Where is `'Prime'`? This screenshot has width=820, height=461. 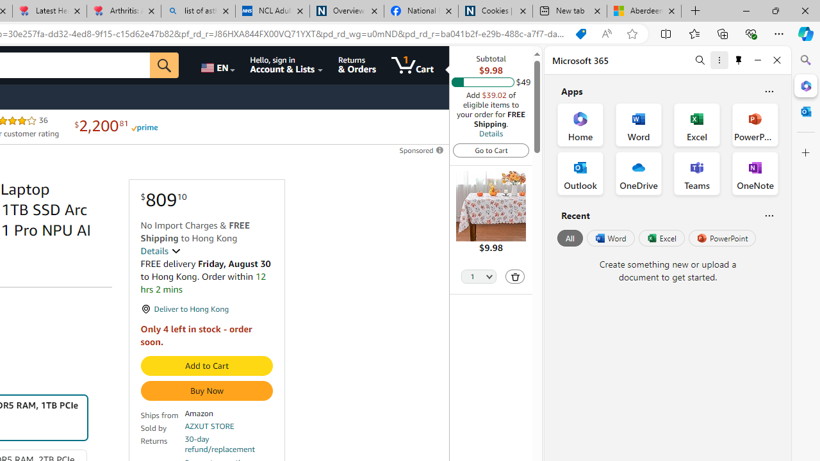 'Prime' is located at coordinates (143, 127).